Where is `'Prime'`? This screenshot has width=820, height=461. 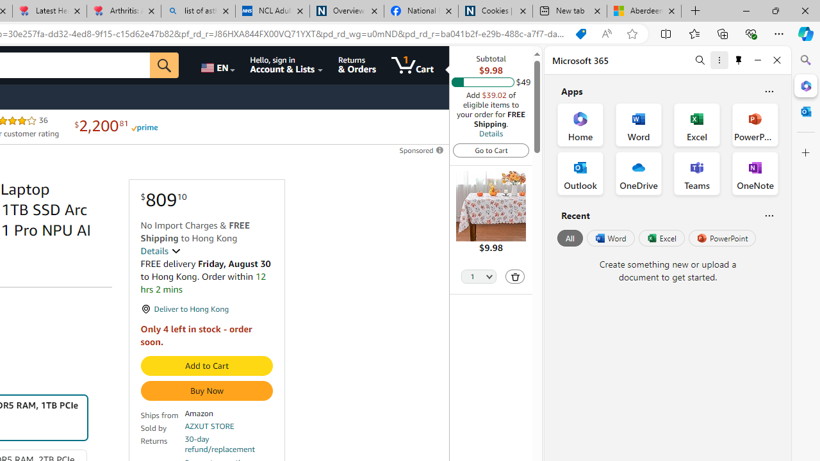 'Prime' is located at coordinates (143, 127).